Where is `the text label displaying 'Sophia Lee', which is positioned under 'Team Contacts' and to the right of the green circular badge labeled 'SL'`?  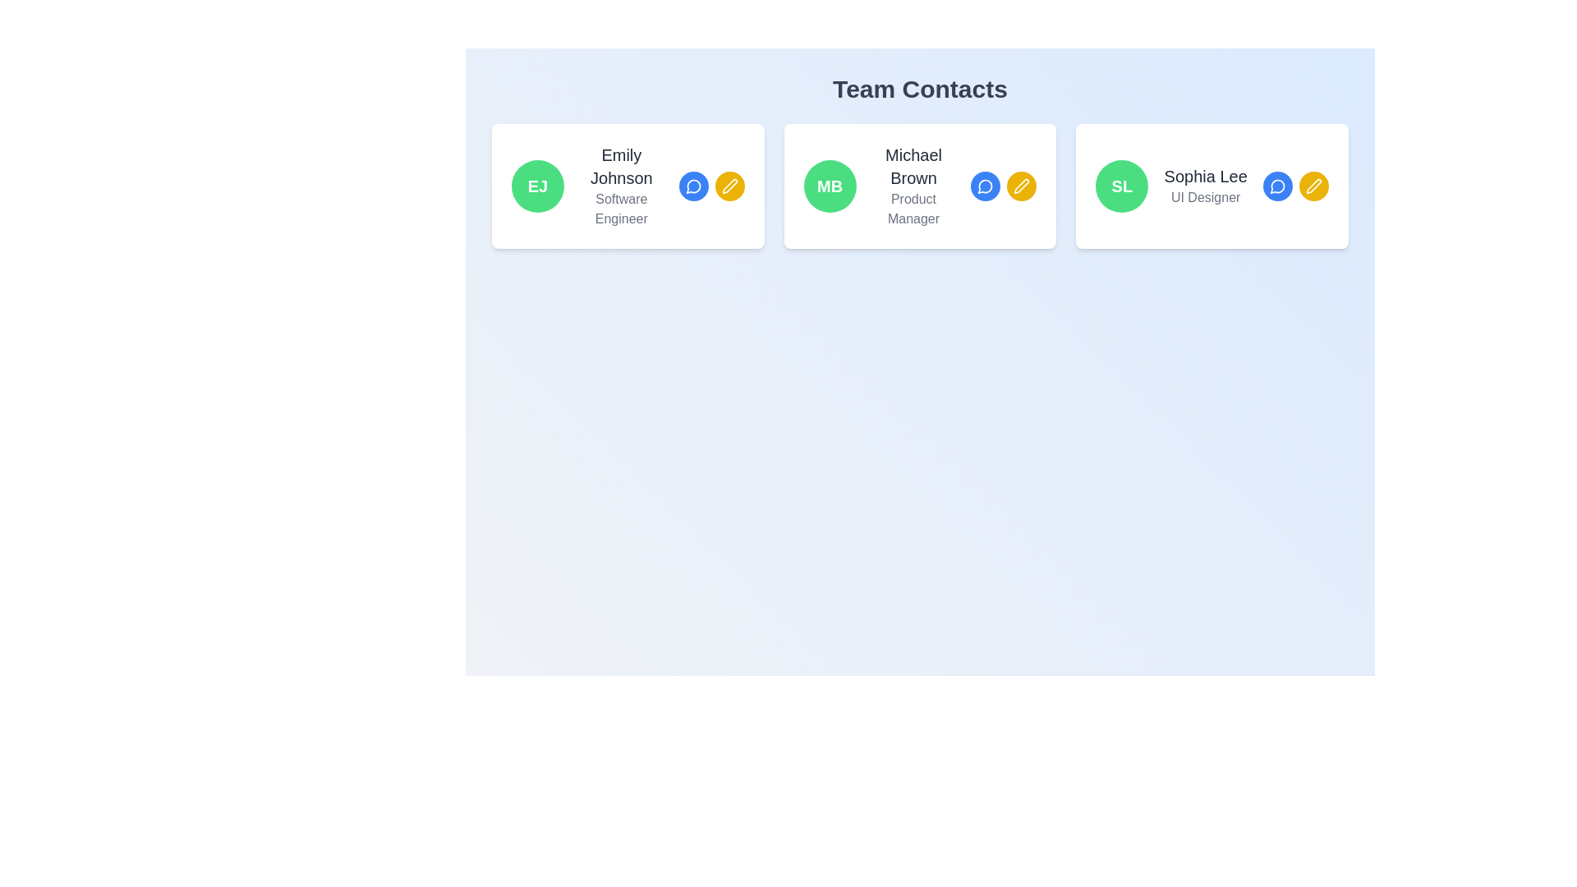 the text label displaying 'Sophia Lee', which is positioned under 'Team Contacts' and to the right of the green circular badge labeled 'SL' is located at coordinates (1206, 177).